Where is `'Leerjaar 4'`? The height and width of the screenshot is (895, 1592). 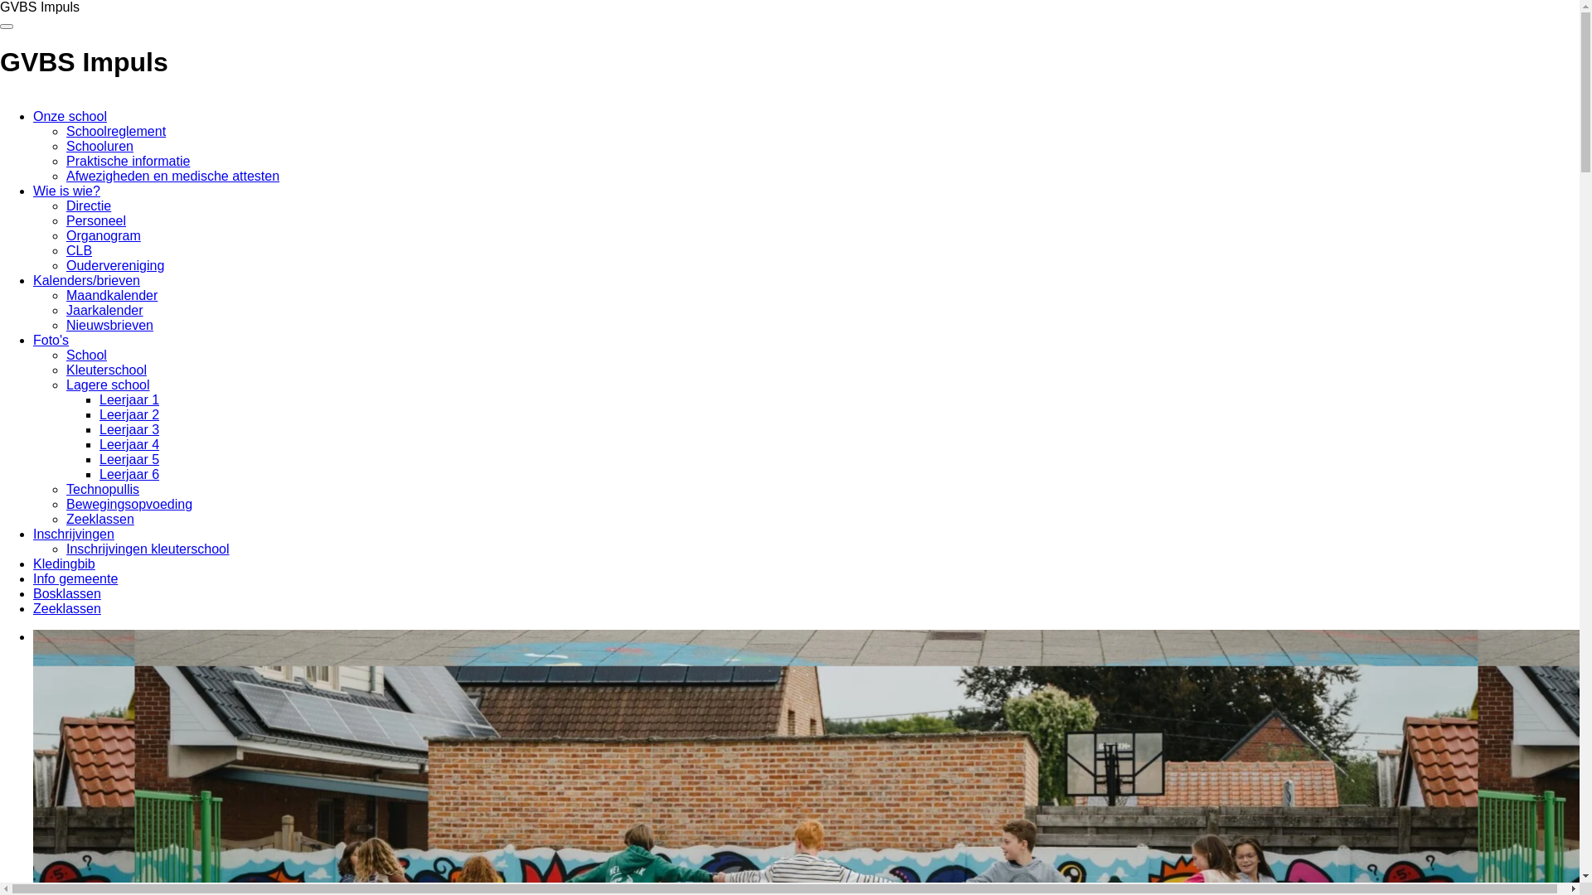 'Leerjaar 4' is located at coordinates (99, 443).